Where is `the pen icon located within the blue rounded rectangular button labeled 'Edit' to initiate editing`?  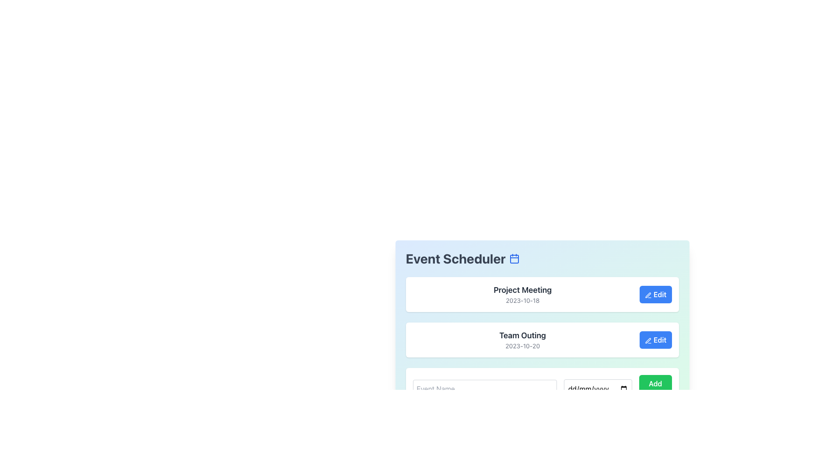 the pen icon located within the blue rounded rectangular button labeled 'Edit' to initiate editing is located at coordinates (648, 340).